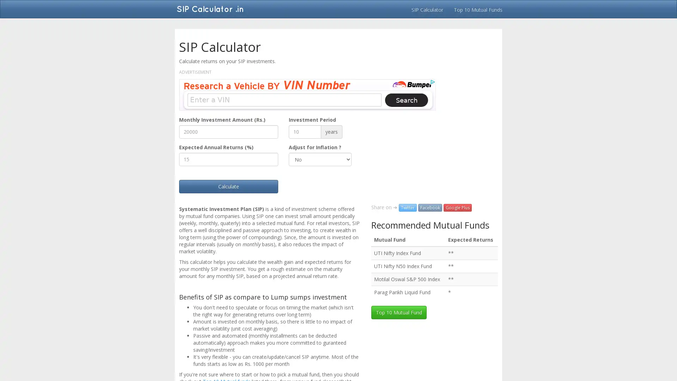 Image resolution: width=677 pixels, height=381 pixels. I want to click on Calculate, so click(228, 186).